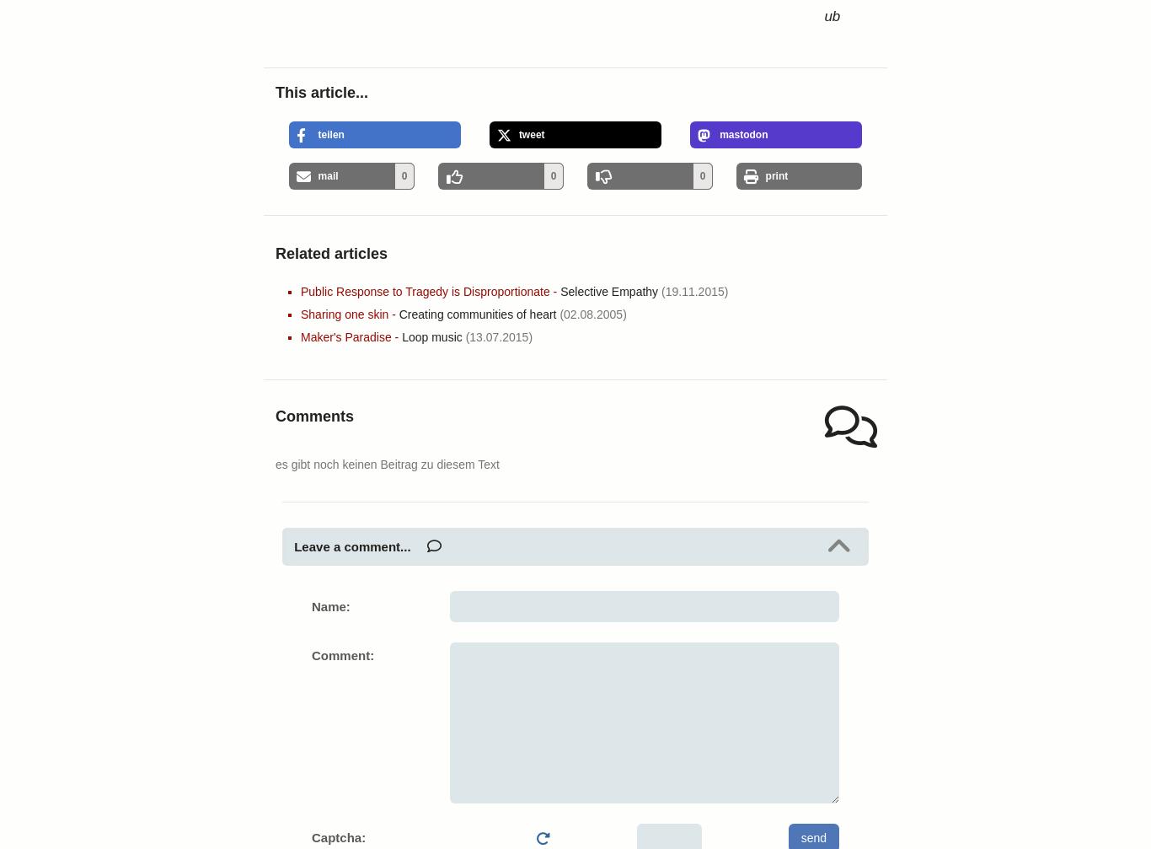 Image resolution: width=1151 pixels, height=849 pixels. I want to click on 'ub', so click(824, 16).